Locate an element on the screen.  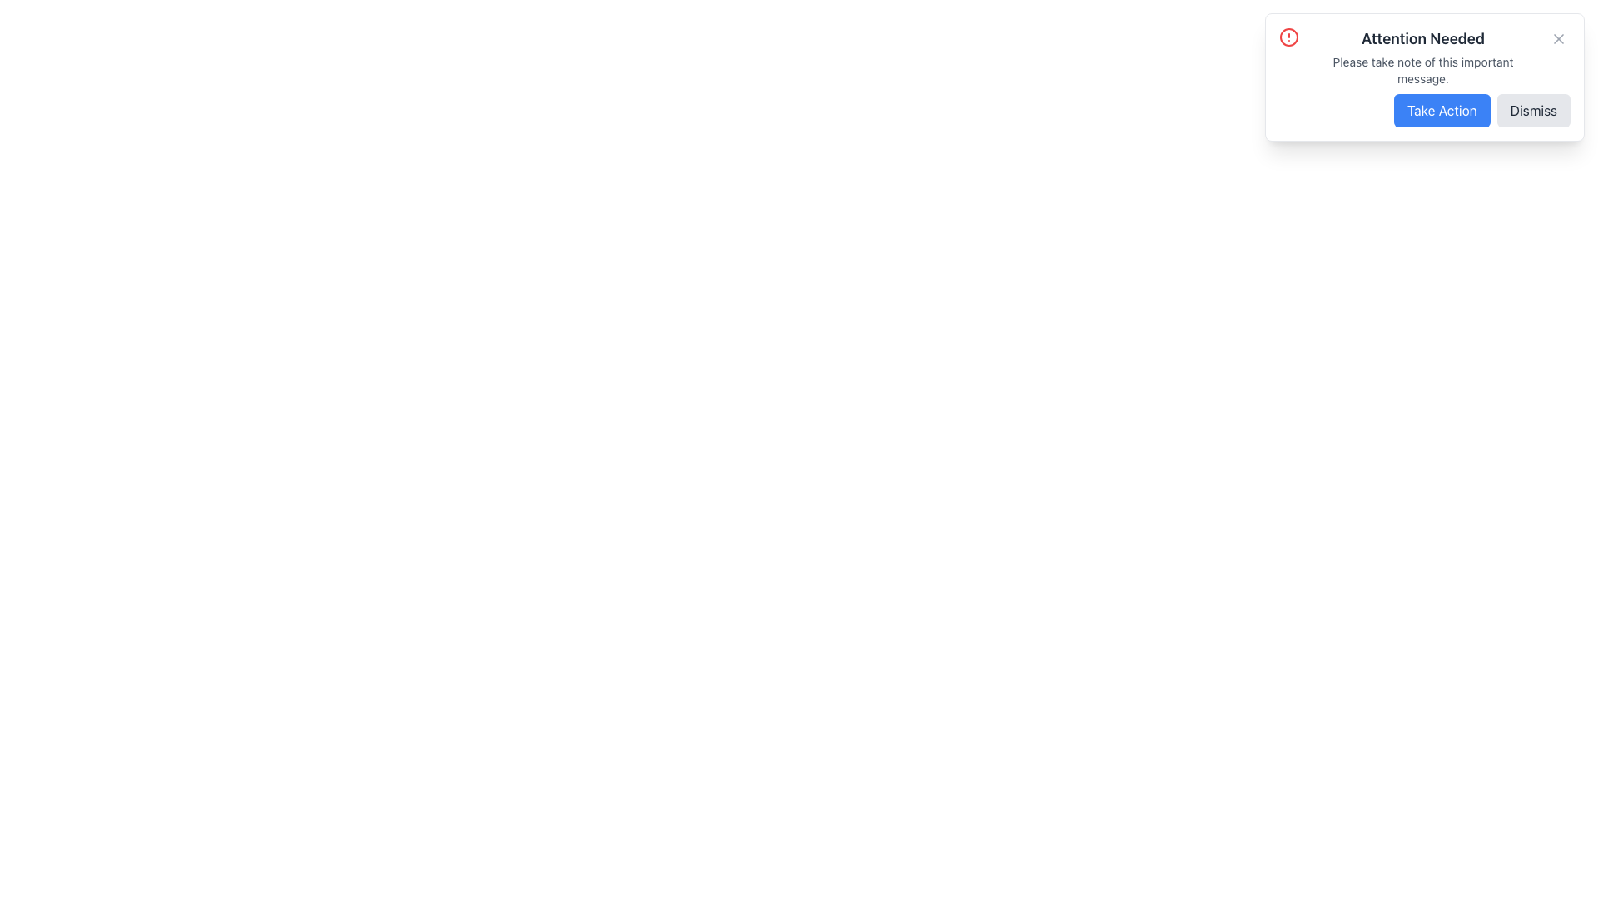
the text label that displays 'Attention Needed', which is bold and larger than the explanatory text below it is located at coordinates (1422, 37).